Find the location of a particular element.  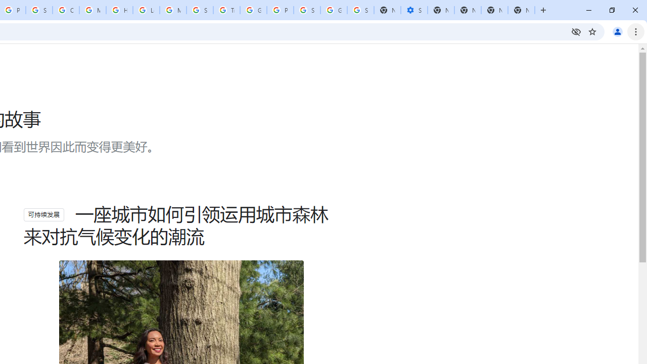

'Google Ads - Sign in' is located at coordinates (253, 10).